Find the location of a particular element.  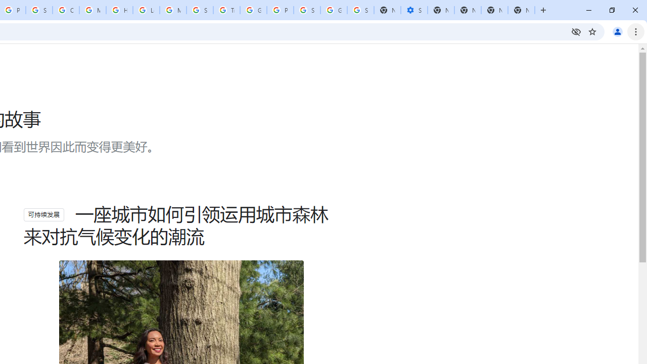

'Google Ads - Sign in' is located at coordinates (253, 10).